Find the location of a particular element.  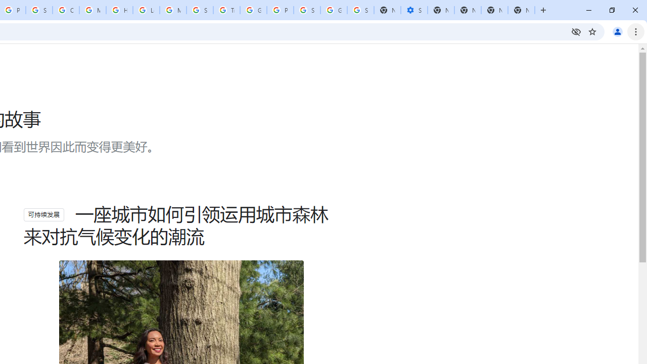

'Google Ads - Sign in' is located at coordinates (253, 10).